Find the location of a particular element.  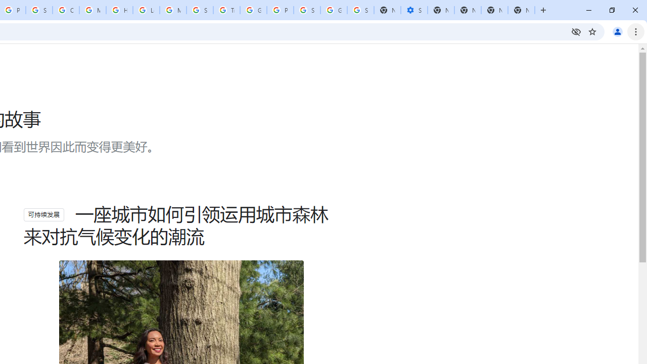

'Google Ads - Sign in' is located at coordinates (253, 10).